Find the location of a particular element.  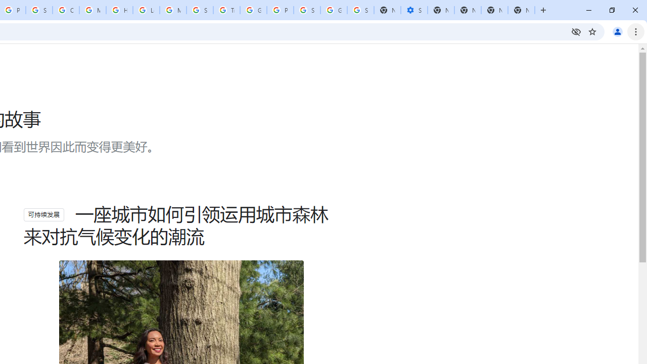

'Google Ads - Sign in' is located at coordinates (253, 10).